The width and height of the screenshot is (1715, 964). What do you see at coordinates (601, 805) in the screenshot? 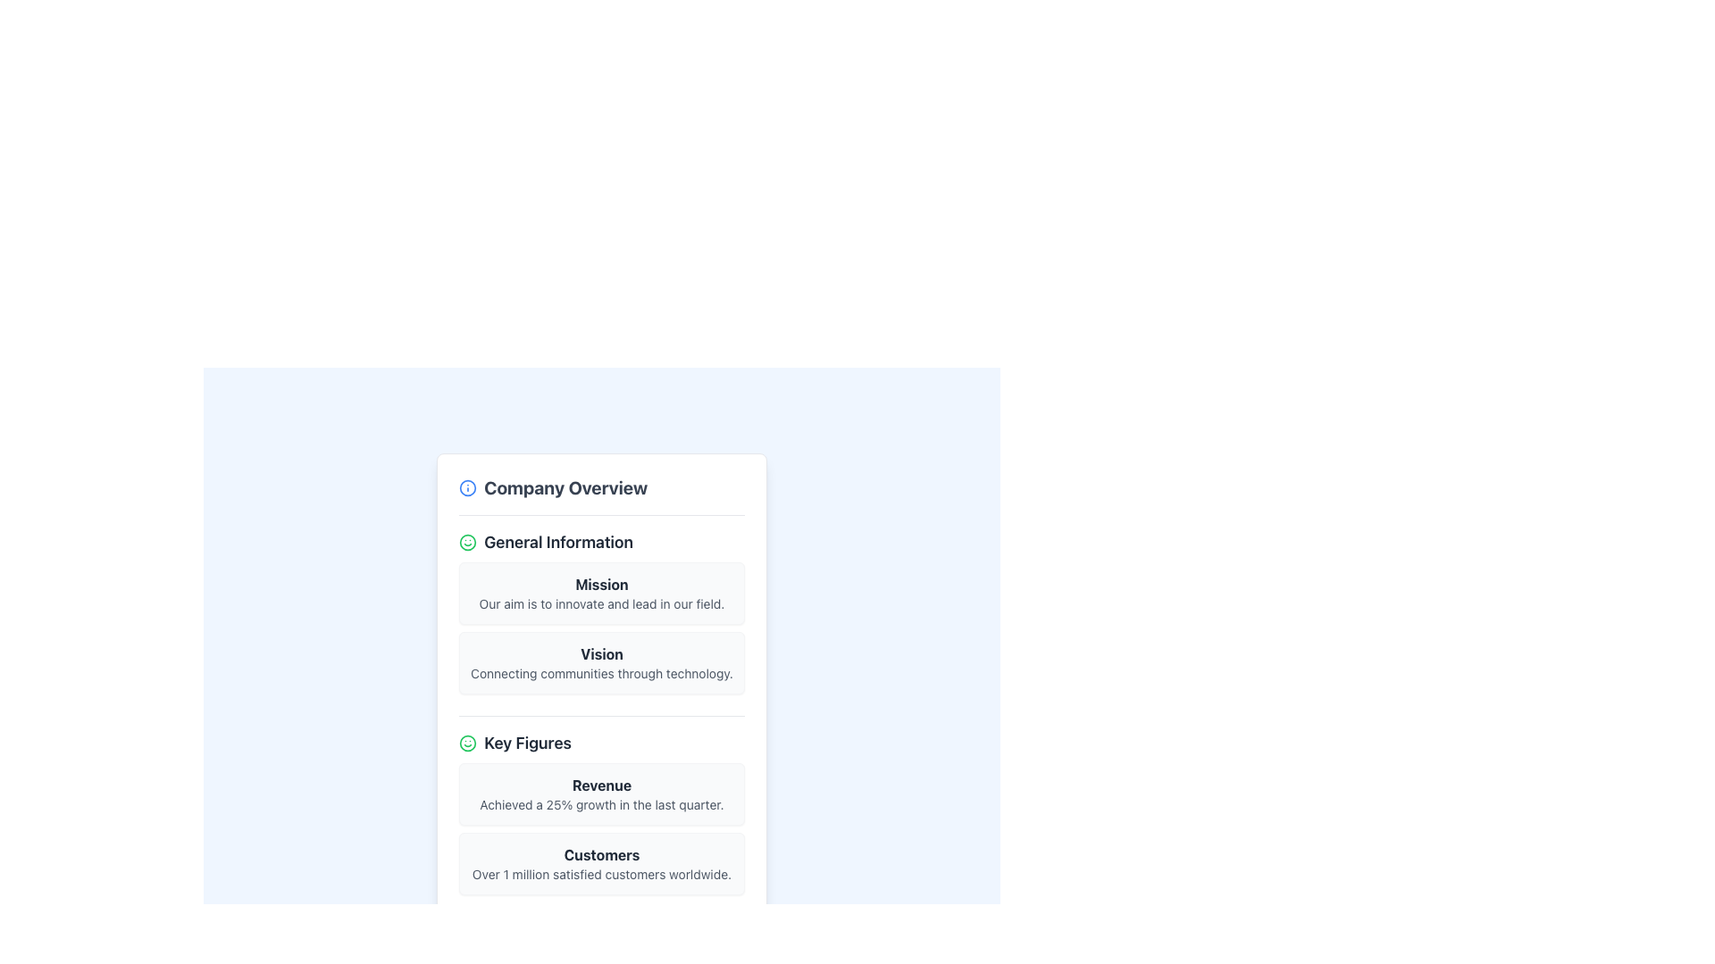
I see `the text displaying the growth percentage achieved in the last quarter, which is positioned below the 'Revenue' heading in the 'Key Figures' category` at bounding box center [601, 805].